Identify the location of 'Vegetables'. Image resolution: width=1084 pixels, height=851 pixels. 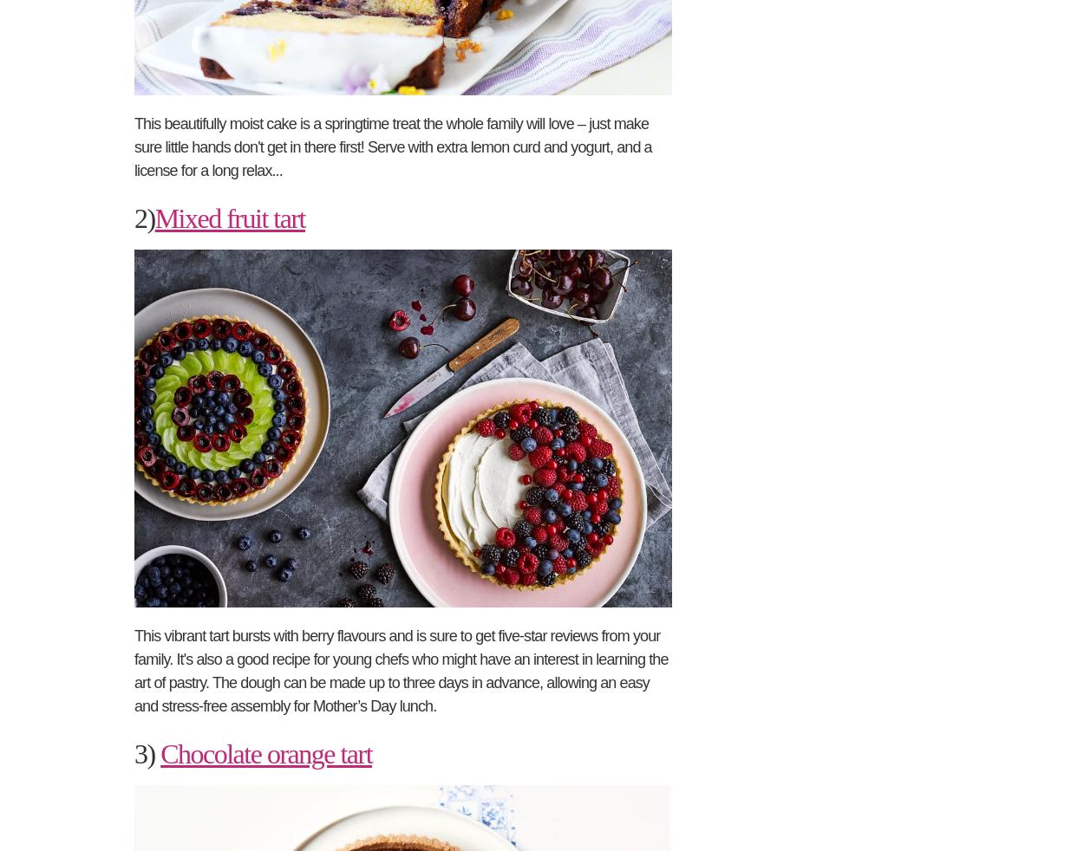
(801, 362).